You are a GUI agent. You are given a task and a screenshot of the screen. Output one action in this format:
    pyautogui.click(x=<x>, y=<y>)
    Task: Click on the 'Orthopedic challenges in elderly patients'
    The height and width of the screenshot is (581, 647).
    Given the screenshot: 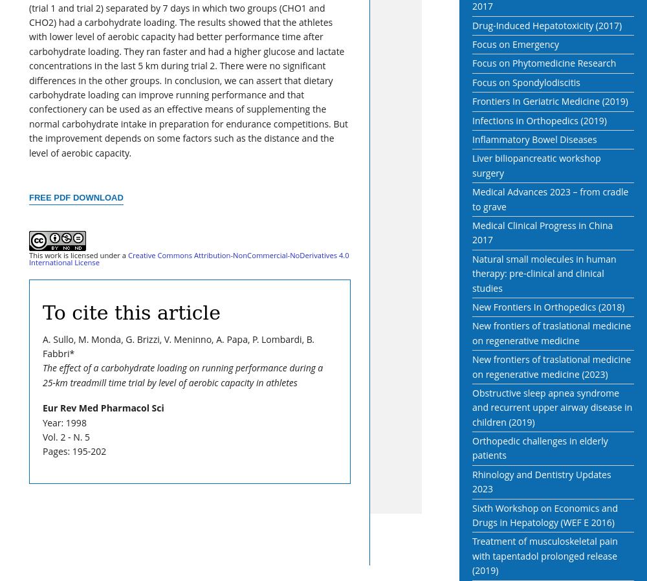 What is the action you would take?
    pyautogui.click(x=539, y=448)
    